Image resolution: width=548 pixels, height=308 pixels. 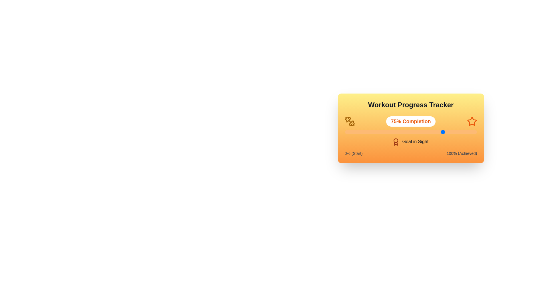 I want to click on the progress slider to 93%, so click(x=468, y=132).